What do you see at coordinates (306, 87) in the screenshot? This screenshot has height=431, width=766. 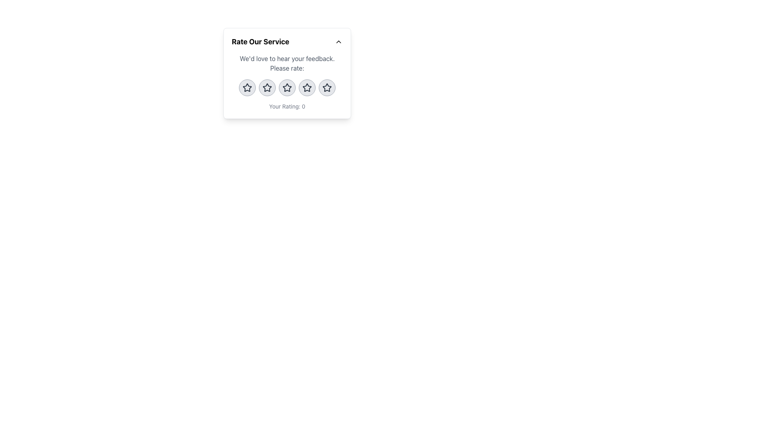 I see `the fourth star icon in the rating system below the text 'Please rate:'` at bounding box center [306, 87].